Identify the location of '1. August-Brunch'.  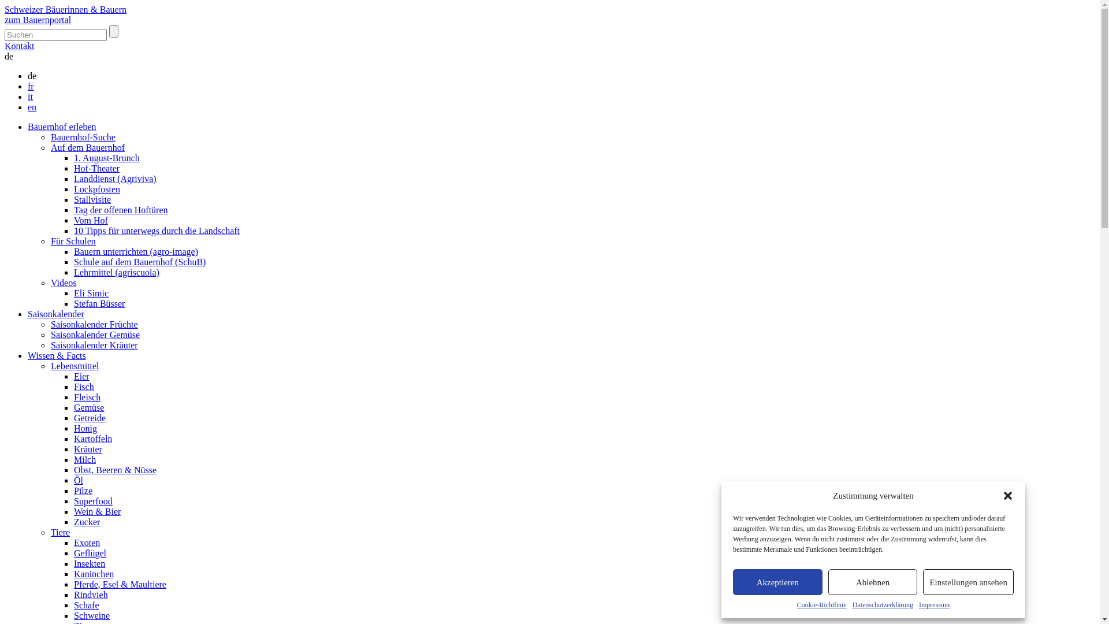
(107, 158).